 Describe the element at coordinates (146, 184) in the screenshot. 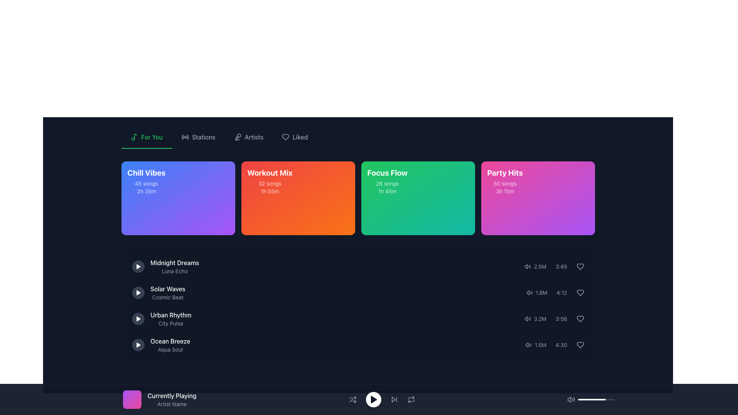

I see `the text label indicating the number of songs in the 'Chill Vibes' playlist located on the second line of text within the playlist card` at that location.